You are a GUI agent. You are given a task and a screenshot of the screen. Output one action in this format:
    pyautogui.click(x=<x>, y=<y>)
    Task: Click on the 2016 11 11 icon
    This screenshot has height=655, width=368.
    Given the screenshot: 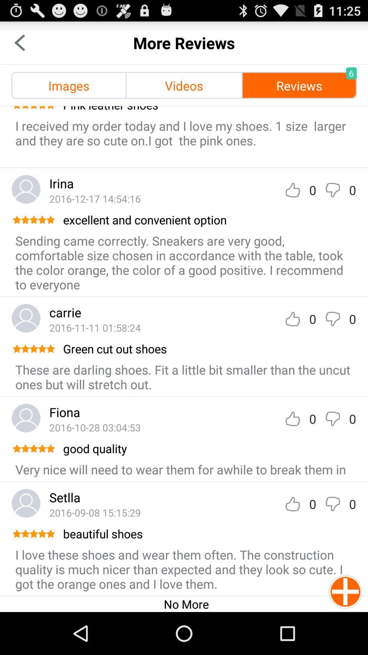 What is the action you would take?
    pyautogui.click(x=95, y=327)
    